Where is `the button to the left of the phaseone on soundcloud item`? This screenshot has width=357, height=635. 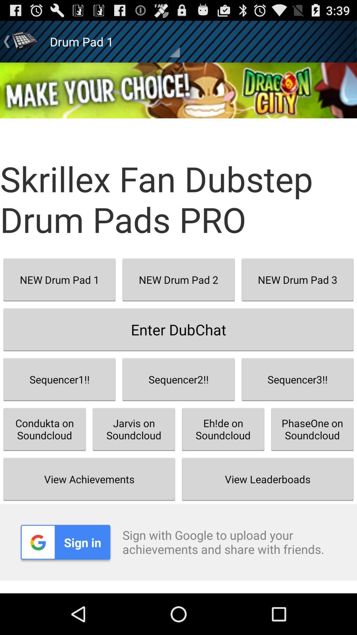
the button to the left of the phaseone on soundcloud item is located at coordinates (223, 429).